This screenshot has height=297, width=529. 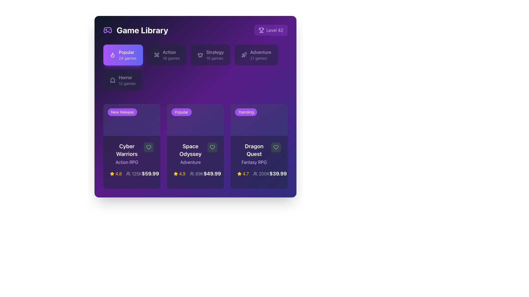 What do you see at coordinates (261, 30) in the screenshot?
I see `the trophy icon representing the achievement status, located to the left of the text 'Level 42' at the top right corner of the interface` at bounding box center [261, 30].